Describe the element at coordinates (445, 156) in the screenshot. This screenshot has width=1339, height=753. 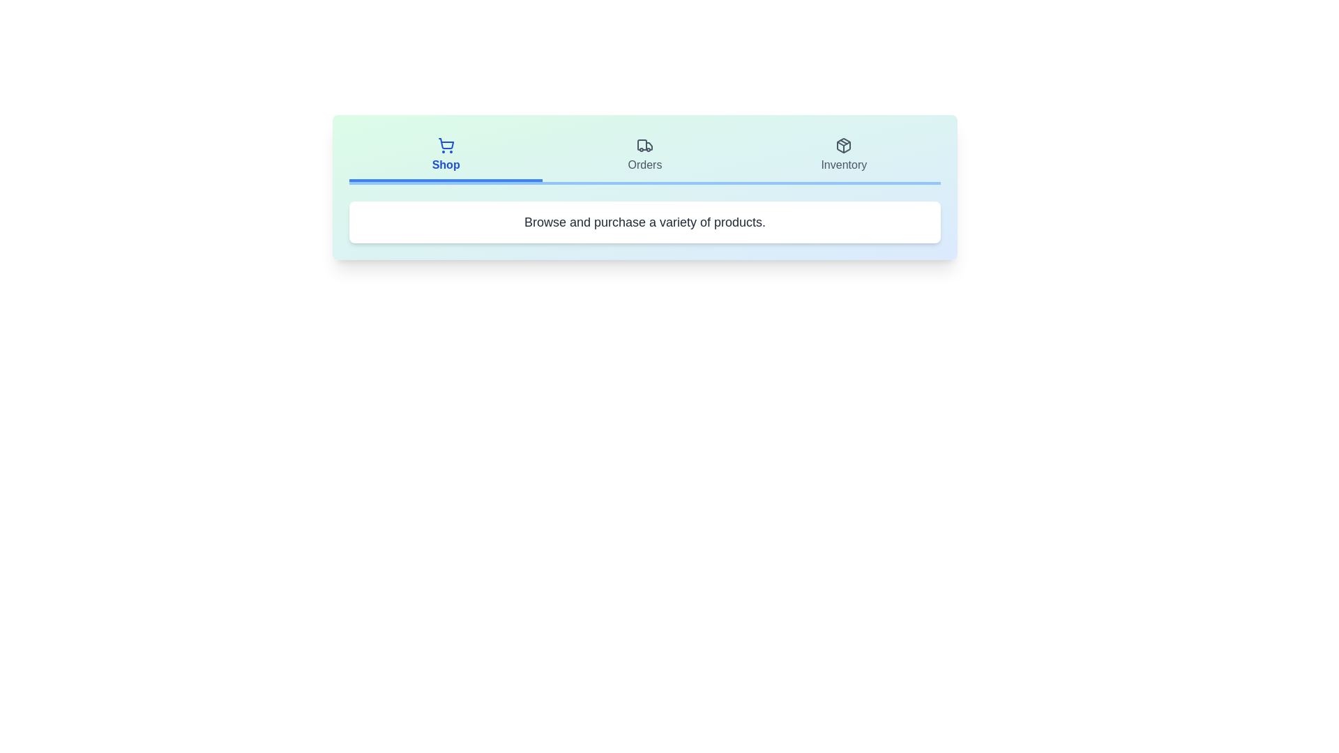
I see `the Shop tab` at that location.